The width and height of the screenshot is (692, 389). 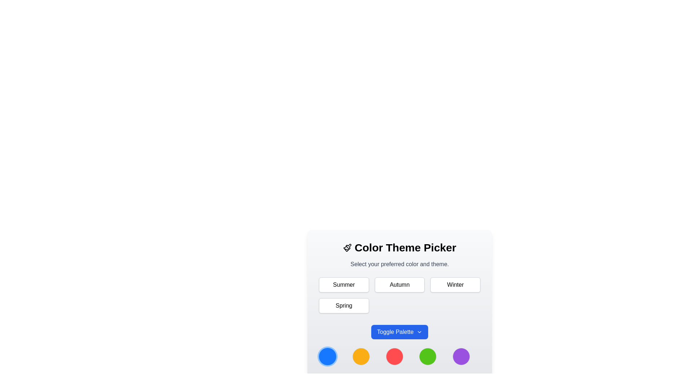 What do you see at coordinates (399, 284) in the screenshot?
I see `the 'Autumn' button, which is a rectangular button with a white background and gray border, located in the middle column of the first row in the button grid below the label 'Select your preferred color and theme'` at bounding box center [399, 284].